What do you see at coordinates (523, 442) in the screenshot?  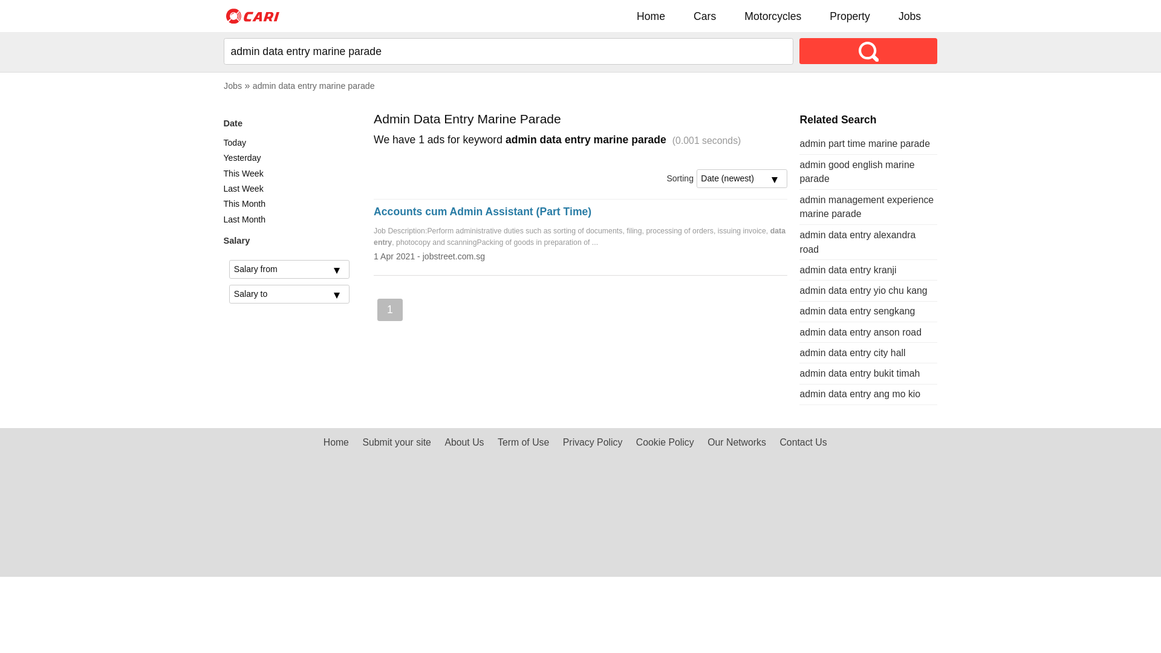 I see `'Term of Use'` at bounding box center [523, 442].